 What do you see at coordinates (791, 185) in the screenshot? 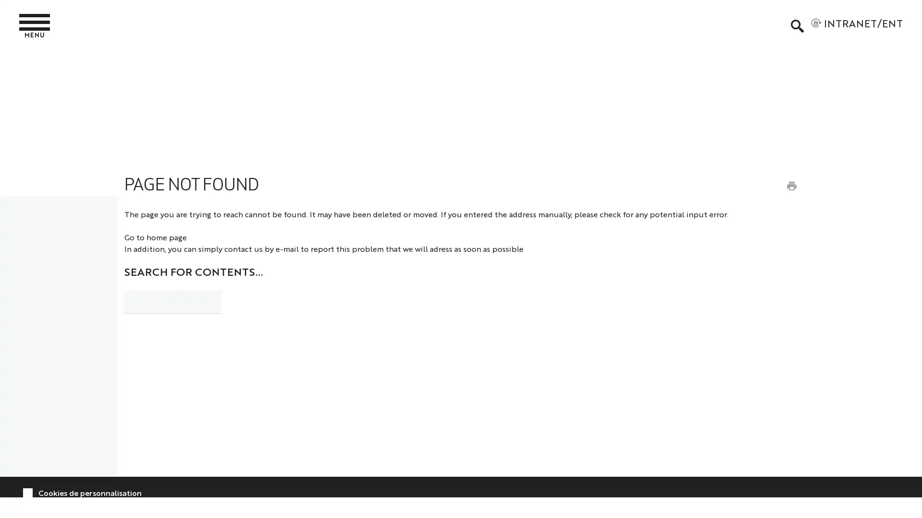
I see `Print` at bounding box center [791, 185].